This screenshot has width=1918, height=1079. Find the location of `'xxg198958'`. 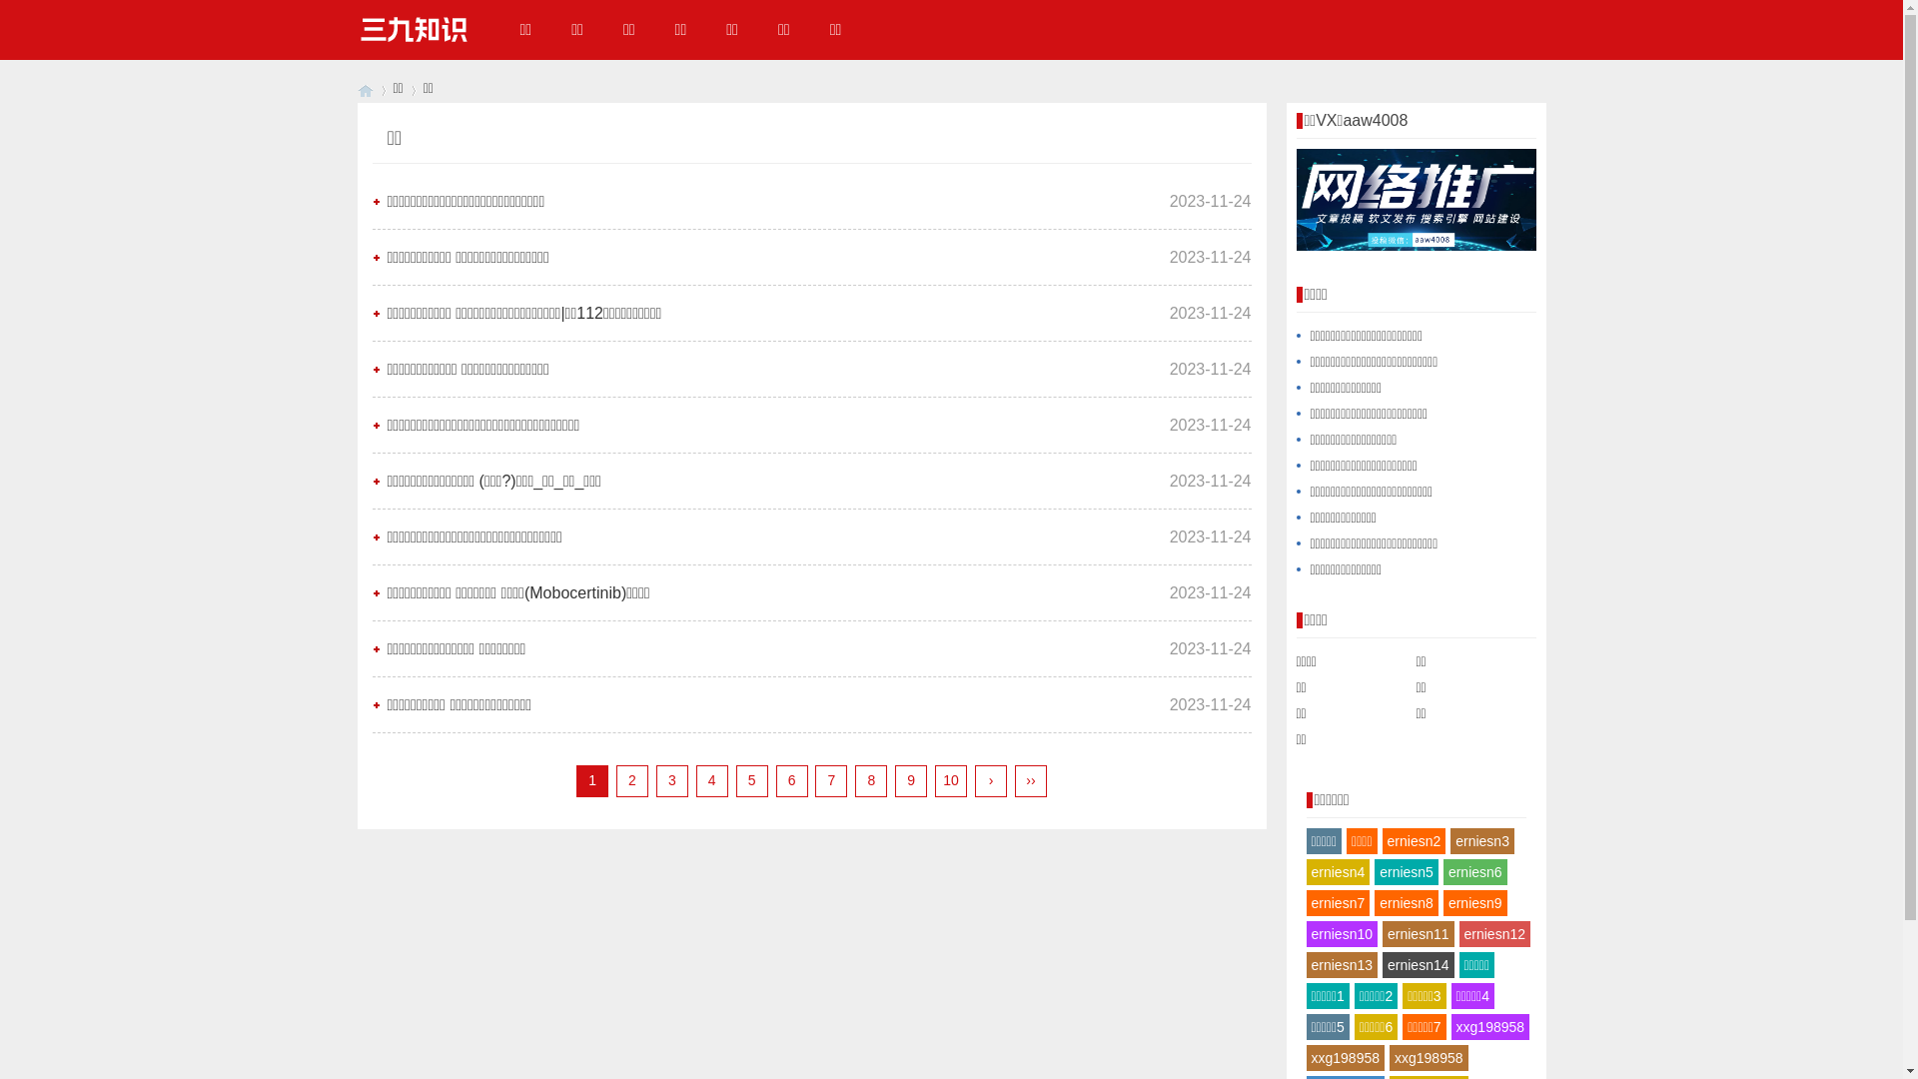

'xxg198958' is located at coordinates (1428, 1057).